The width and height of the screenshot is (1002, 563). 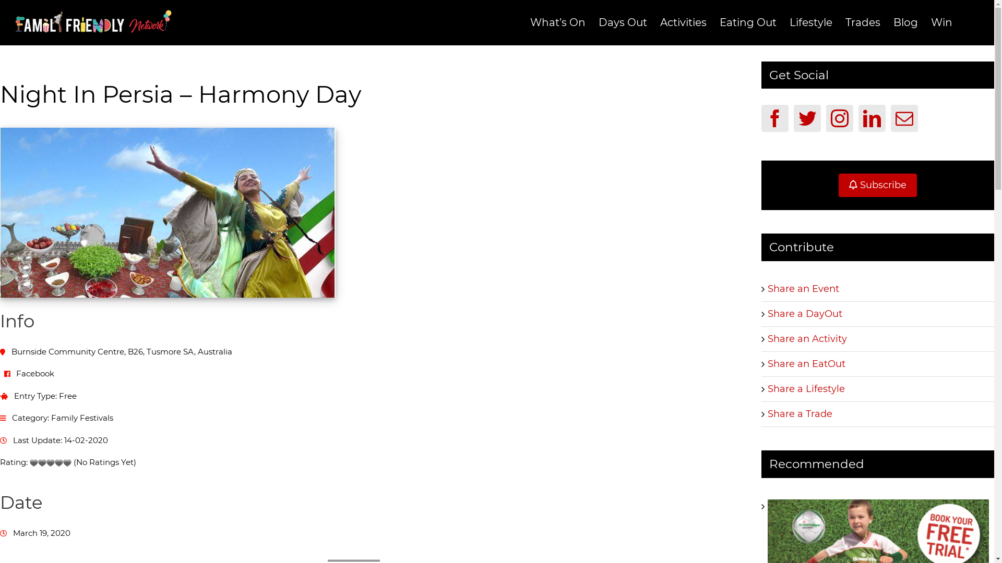 What do you see at coordinates (903, 118) in the screenshot?
I see `'Mail'` at bounding box center [903, 118].